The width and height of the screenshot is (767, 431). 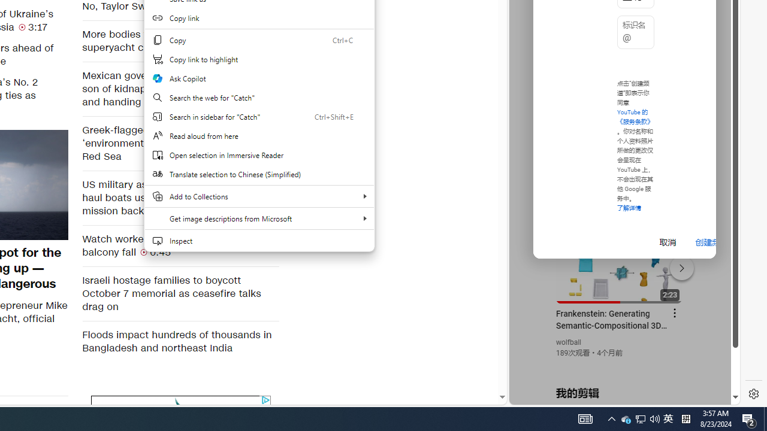 I want to click on 'Get image descriptions from Microsoft', so click(x=258, y=218).